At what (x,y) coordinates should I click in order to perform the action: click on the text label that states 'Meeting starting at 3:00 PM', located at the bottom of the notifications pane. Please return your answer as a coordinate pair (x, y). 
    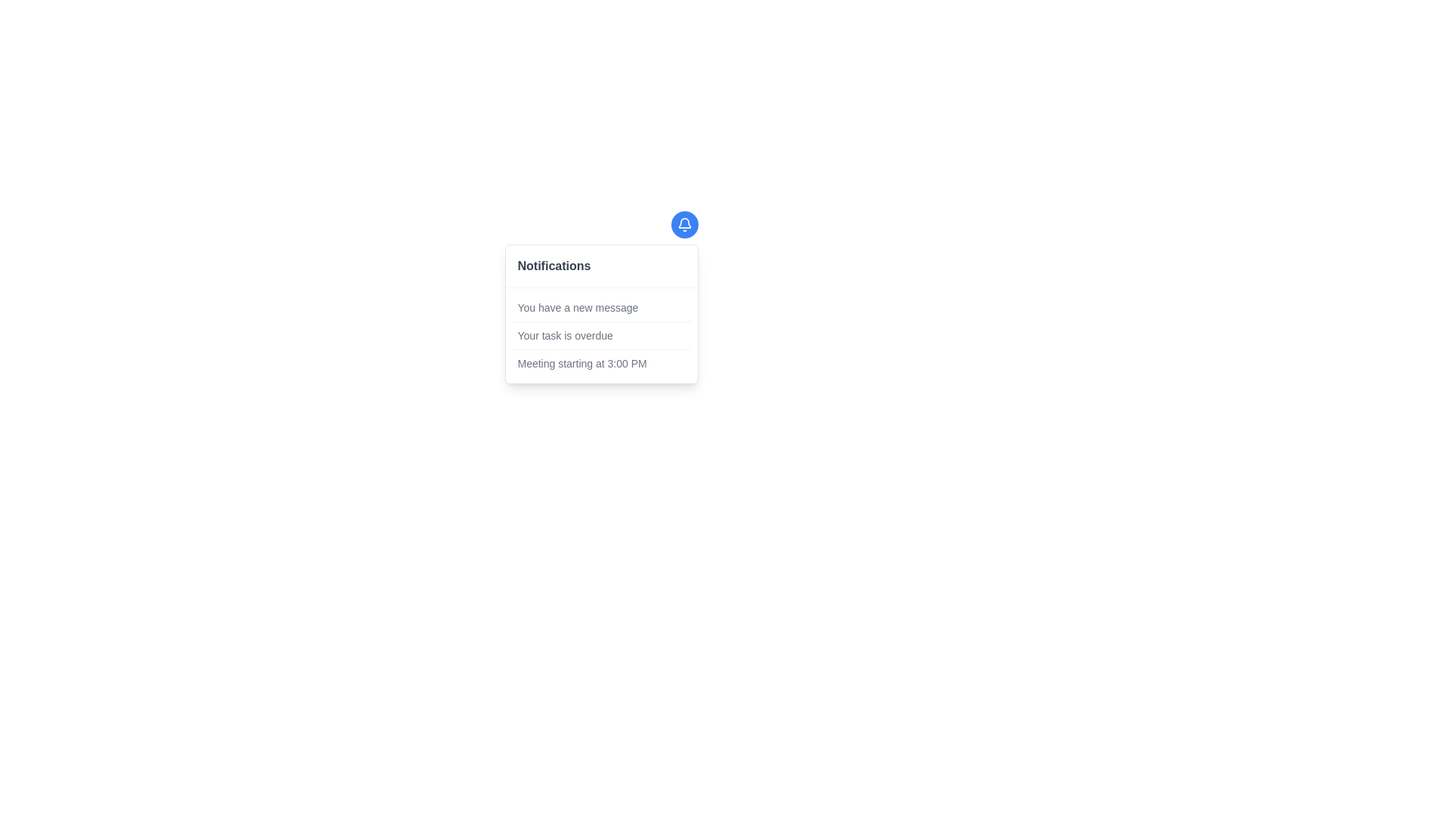
    Looking at the image, I should click on (582, 364).